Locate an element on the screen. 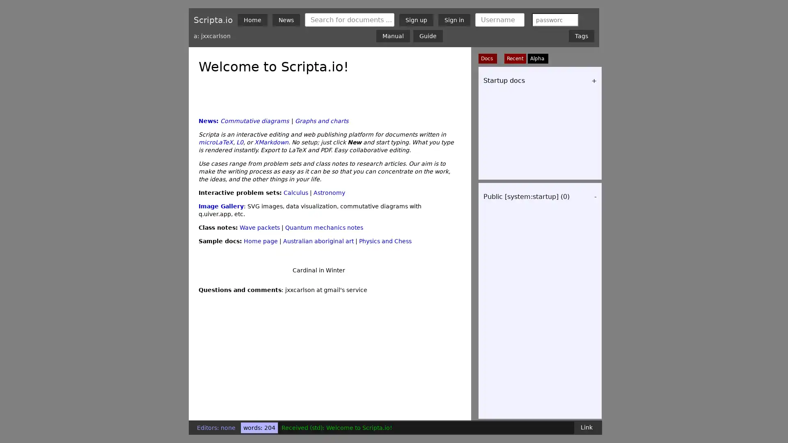 The image size is (788, 443). Calculus is located at coordinates (295, 256).